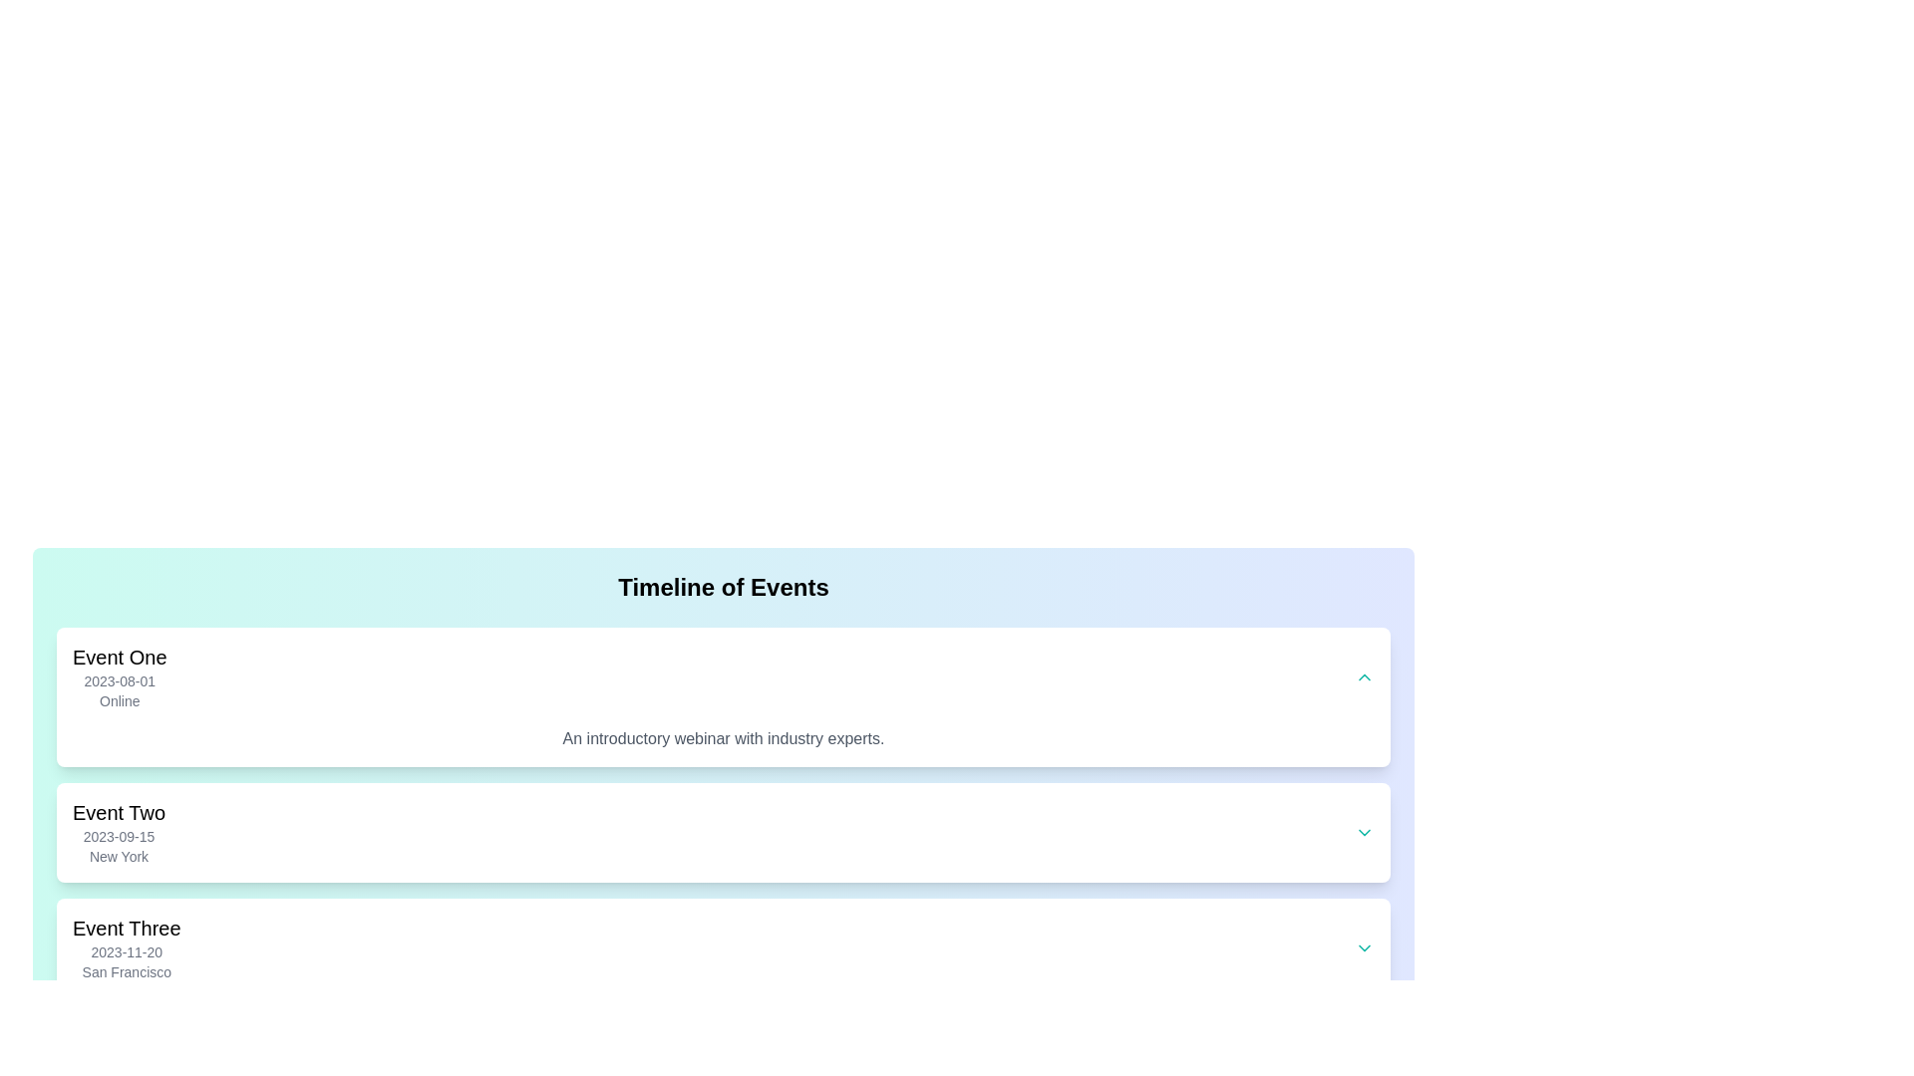 The height and width of the screenshot is (1076, 1914). I want to click on the bold, centered header text reading 'Timeline of Events', which is styled with a semi-bold weight in black on a light gradient background, so click(722, 587).